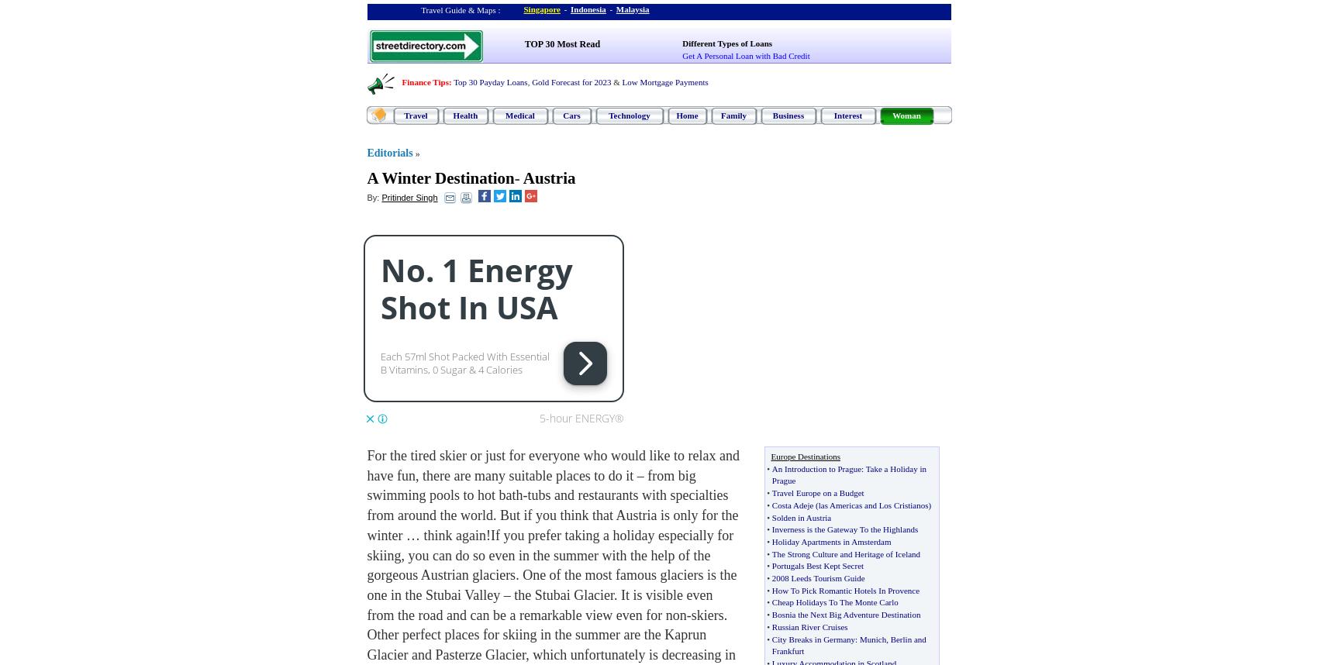 The height and width of the screenshot is (665, 1318). What do you see at coordinates (519, 115) in the screenshot?
I see `'Medical'` at bounding box center [519, 115].